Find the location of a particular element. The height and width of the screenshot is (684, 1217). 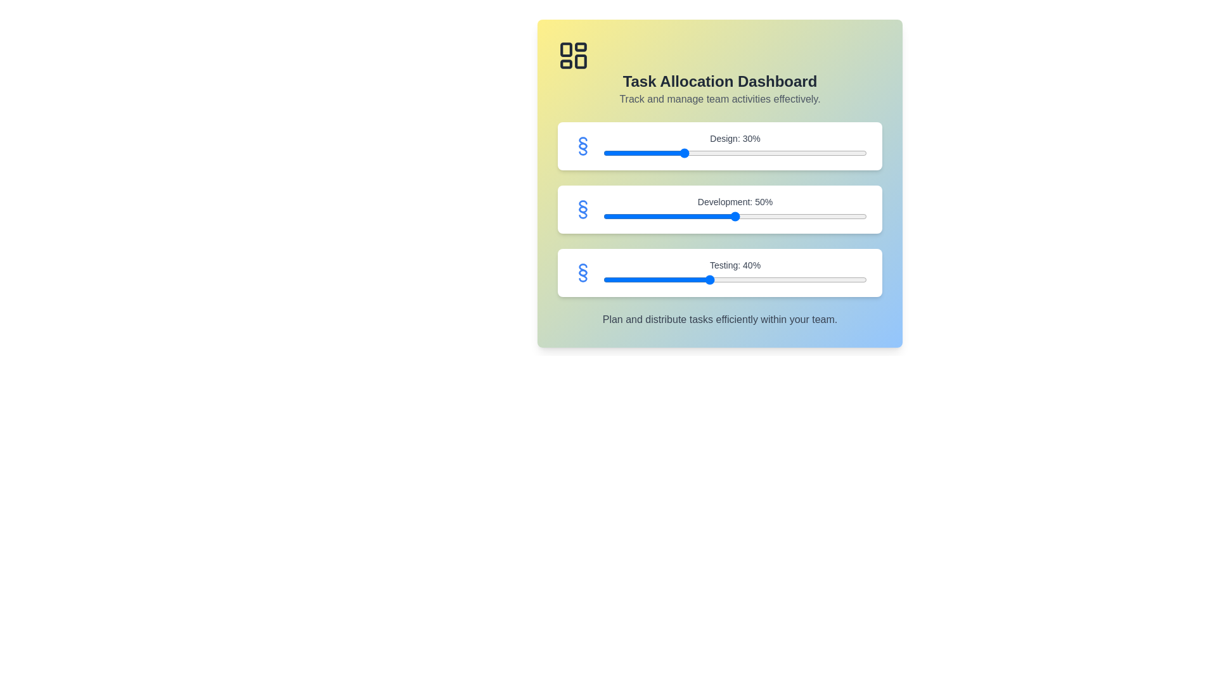

the 'Design' slider to 99% by dragging the slider to the corresponding position is located at coordinates (863, 153).